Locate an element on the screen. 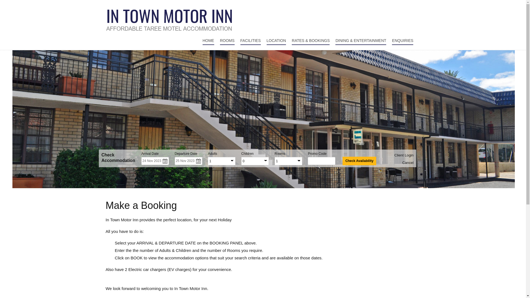  'ROOMS' is located at coordinates (227, 41).